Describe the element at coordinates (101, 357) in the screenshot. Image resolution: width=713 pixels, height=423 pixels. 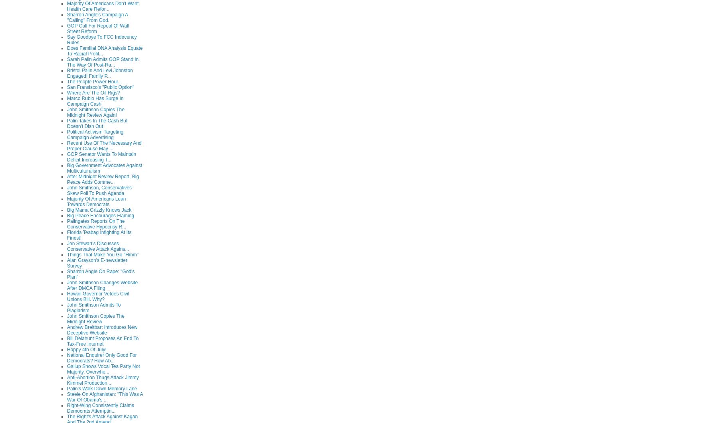
I see `'National Enquirer Only Good For Democrats?  How Ab...'` at that location.